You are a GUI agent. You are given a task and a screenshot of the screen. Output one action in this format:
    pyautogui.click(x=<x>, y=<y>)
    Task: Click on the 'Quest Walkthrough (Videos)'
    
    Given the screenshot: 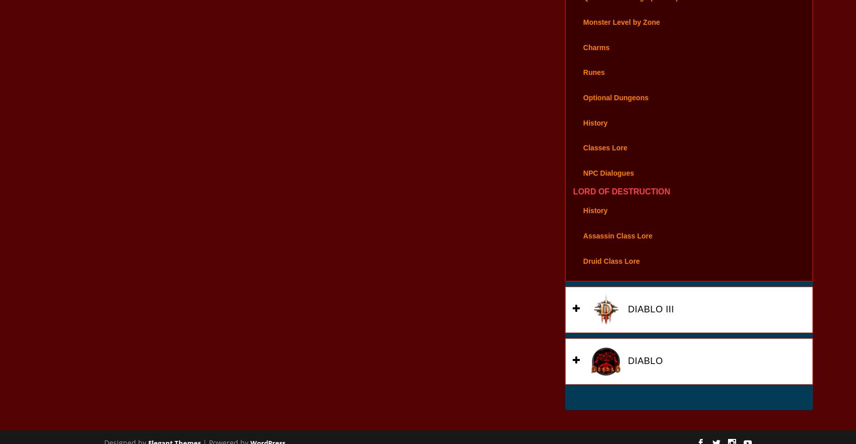 What is the action you would take?
    pyautogui.click(x=582, y=10)
    